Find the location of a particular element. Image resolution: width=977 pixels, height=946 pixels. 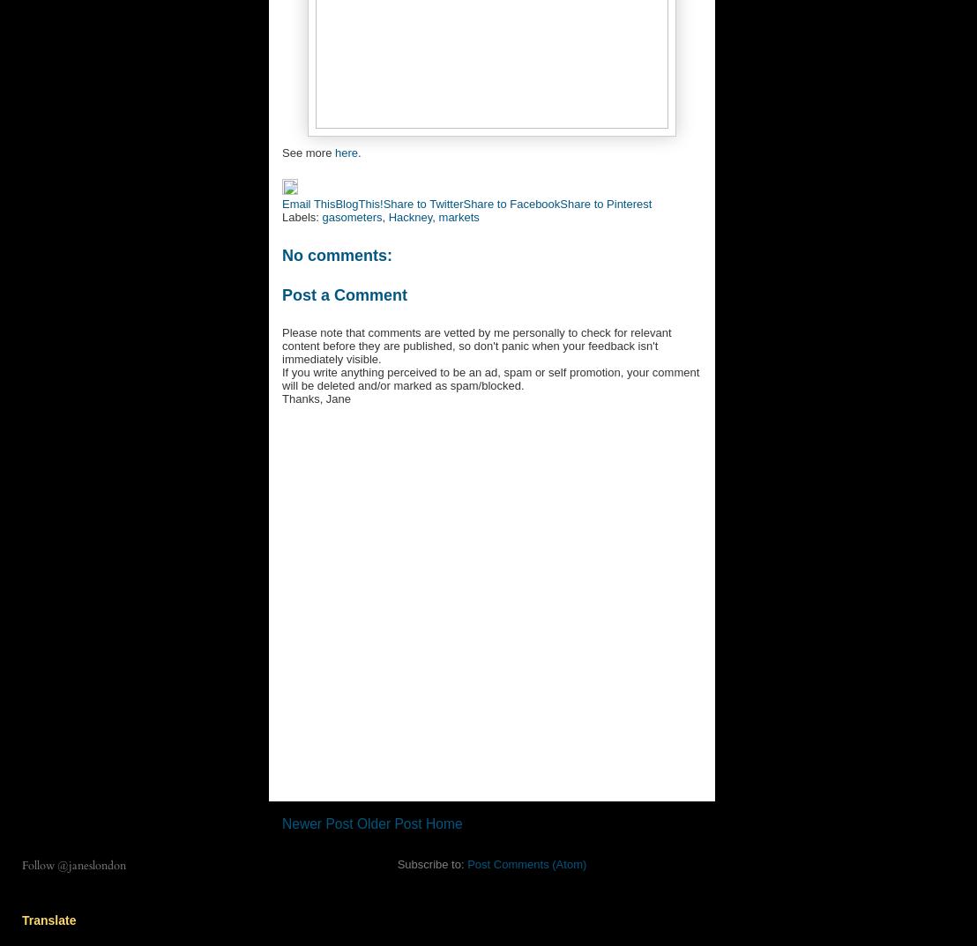

'BlogThis!' is located at coordinates (358, 203).